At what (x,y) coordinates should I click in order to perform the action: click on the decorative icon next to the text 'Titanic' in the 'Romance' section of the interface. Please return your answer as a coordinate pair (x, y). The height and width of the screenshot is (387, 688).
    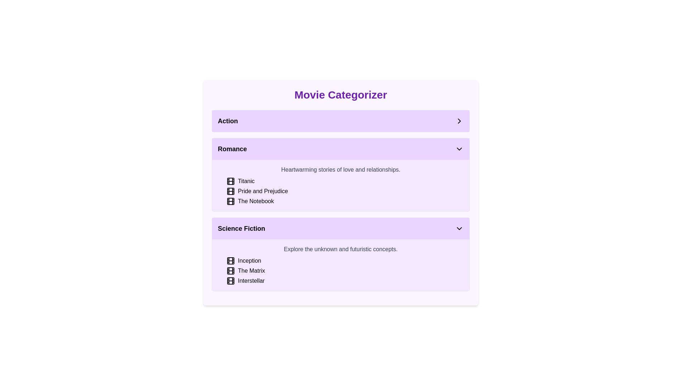
    Looking at the image, I should click on (230, 181).